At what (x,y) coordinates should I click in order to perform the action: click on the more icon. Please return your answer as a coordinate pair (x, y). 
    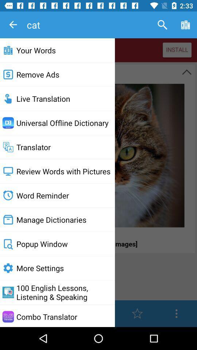
    Looking at the image, I should click on (176, 313).